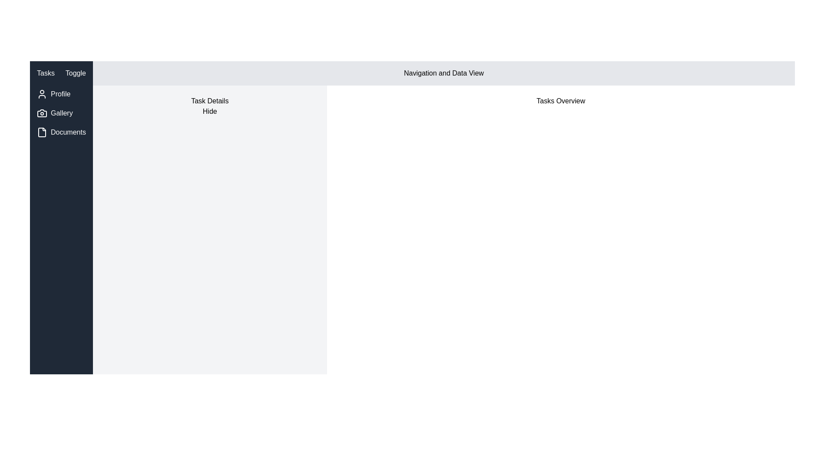 The height and width of the screenshot is (469, 834). I want to click on the Navigation menu located in the sidebar, which provides access to 'Profile', 'Gallery', and 'Documents', so click(61, 113).